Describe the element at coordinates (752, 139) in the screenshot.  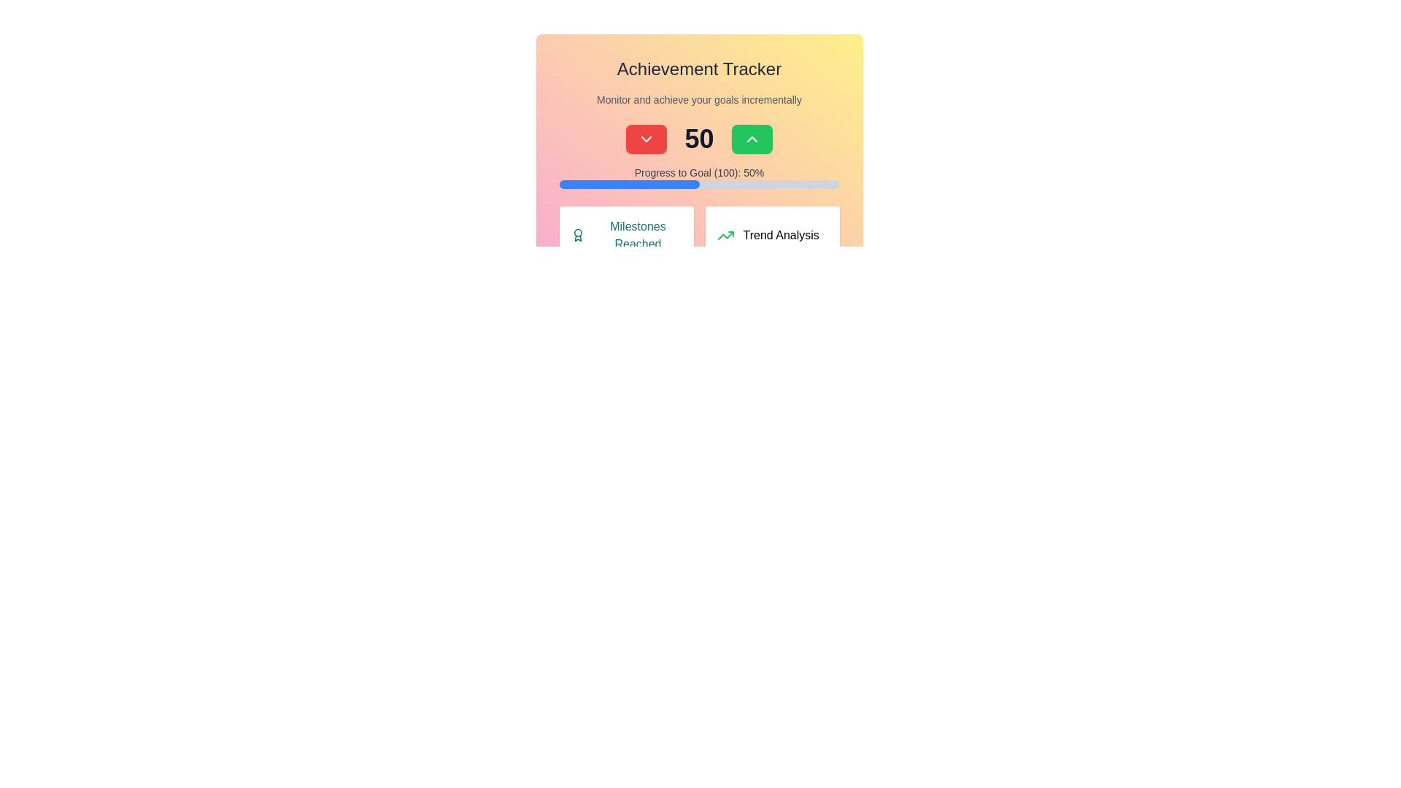
I see `the chevron-up icon located within the green rounded rectangle button` at that location.